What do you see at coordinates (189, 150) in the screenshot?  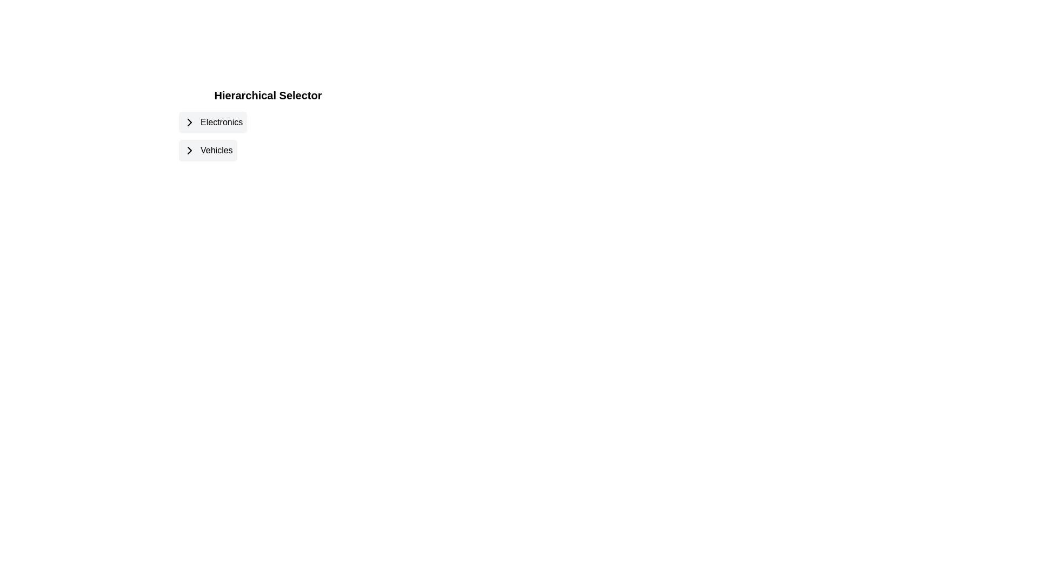 I see `the right-pointing chevron icon inside the 'Vehicles' button` at bounding box center [189, 150].